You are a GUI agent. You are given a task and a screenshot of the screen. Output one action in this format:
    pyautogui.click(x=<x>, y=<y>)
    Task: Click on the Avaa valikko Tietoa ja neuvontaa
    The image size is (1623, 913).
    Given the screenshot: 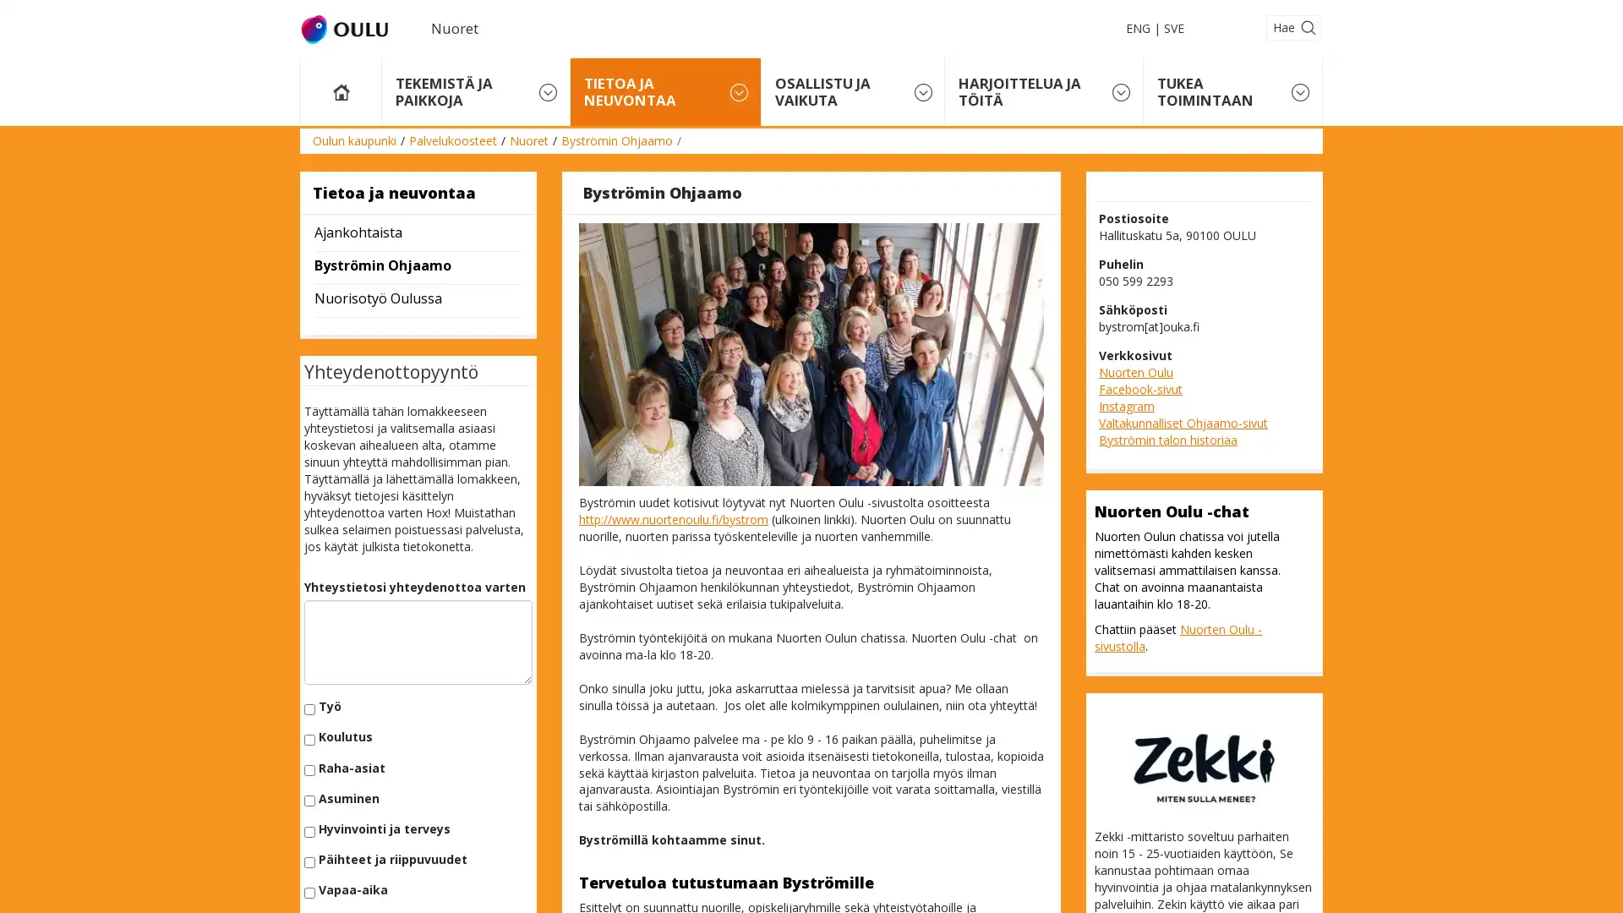 What is the action you would take?
    pyautogui.click(x=738, y=91)
    